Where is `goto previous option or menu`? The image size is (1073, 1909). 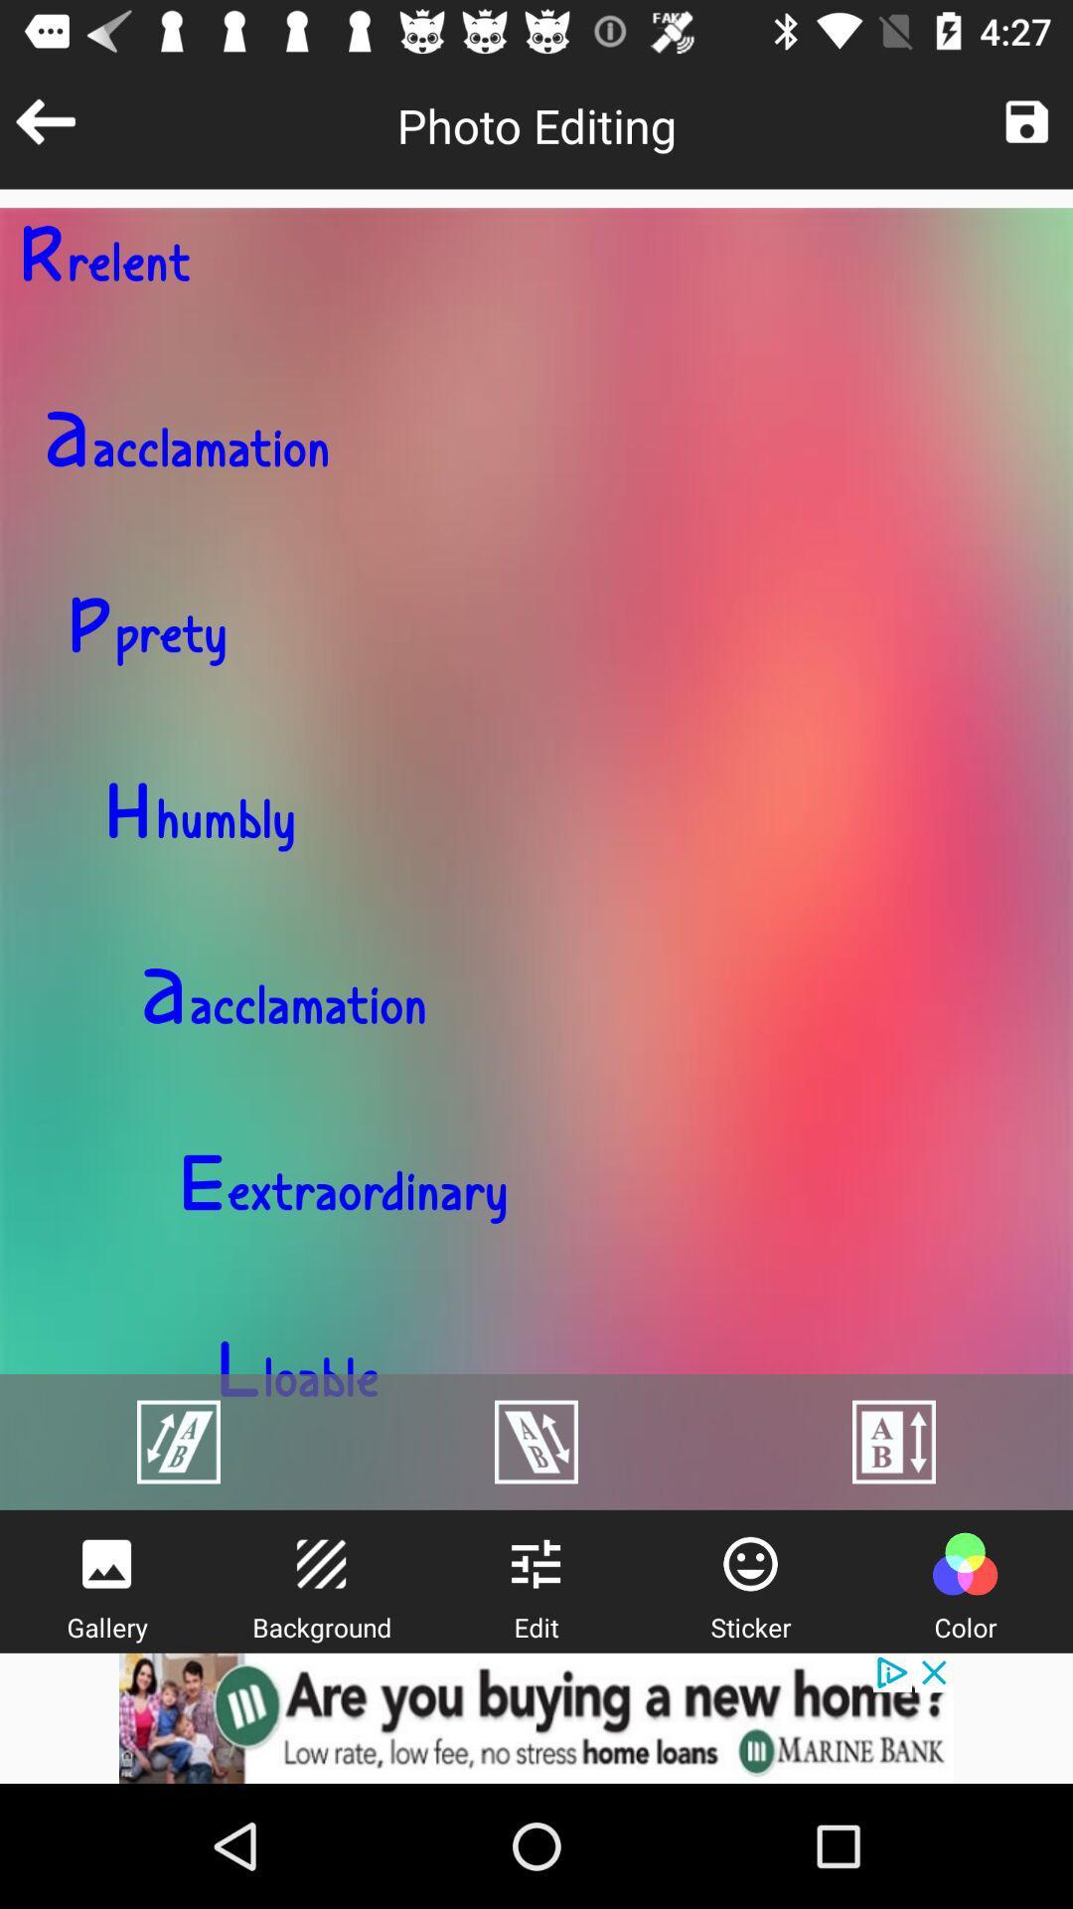
goto previous option or menu is located at coordinates (45, 120).